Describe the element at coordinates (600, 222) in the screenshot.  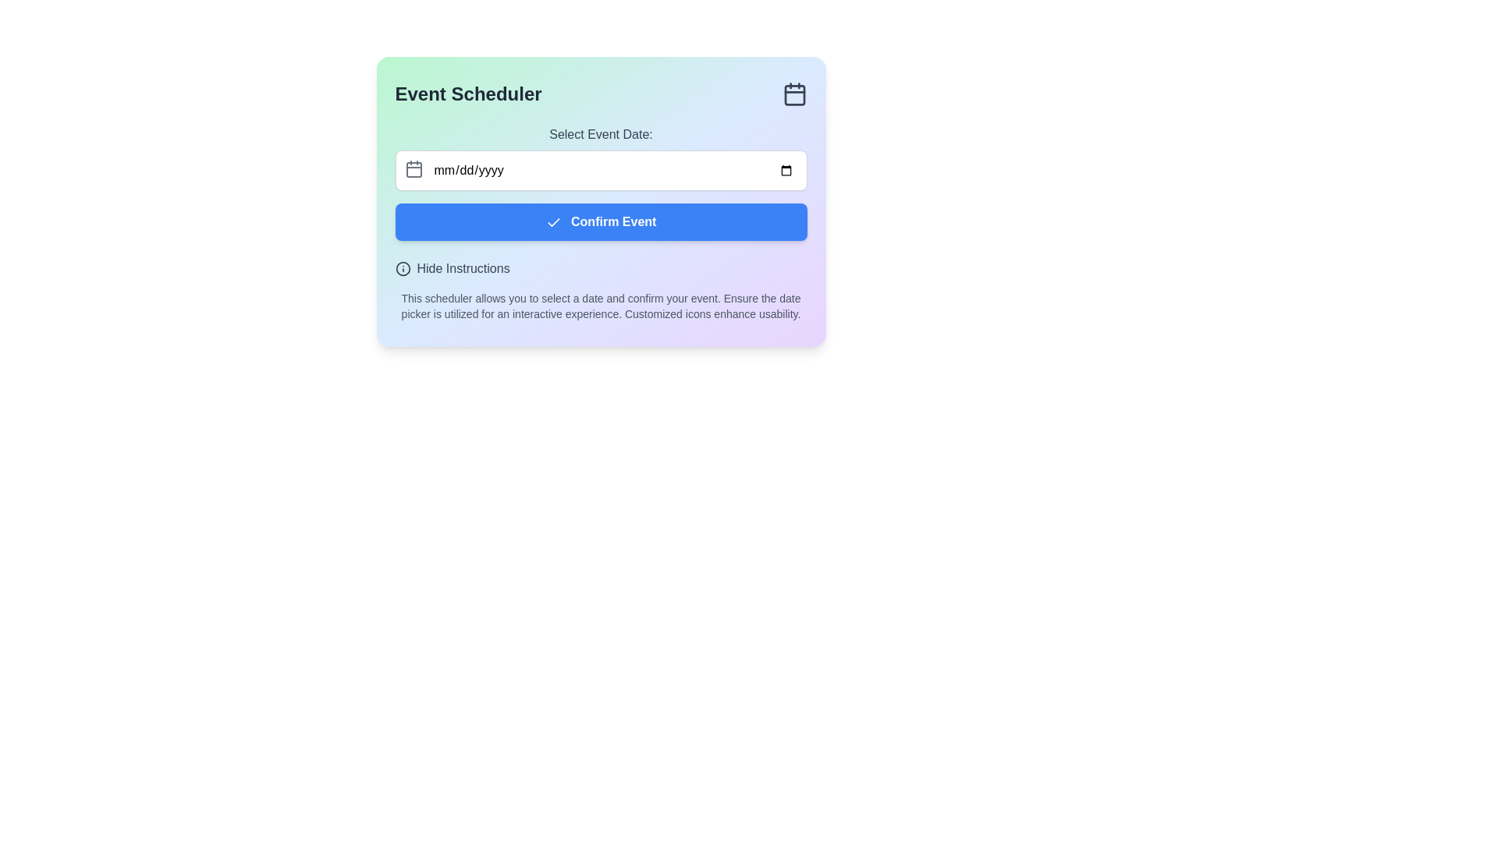
I see `the confirm button located below the 'Select Event Date' input field to confirm the event date selection` at that location.